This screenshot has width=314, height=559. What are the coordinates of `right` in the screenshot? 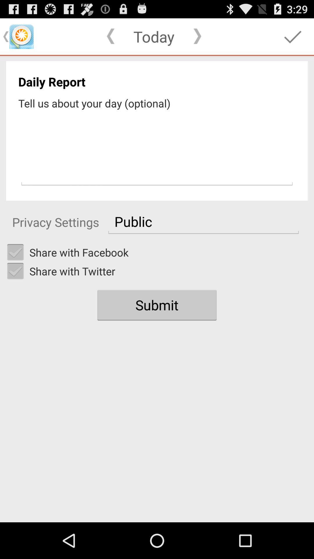 It's located at (15, 252).